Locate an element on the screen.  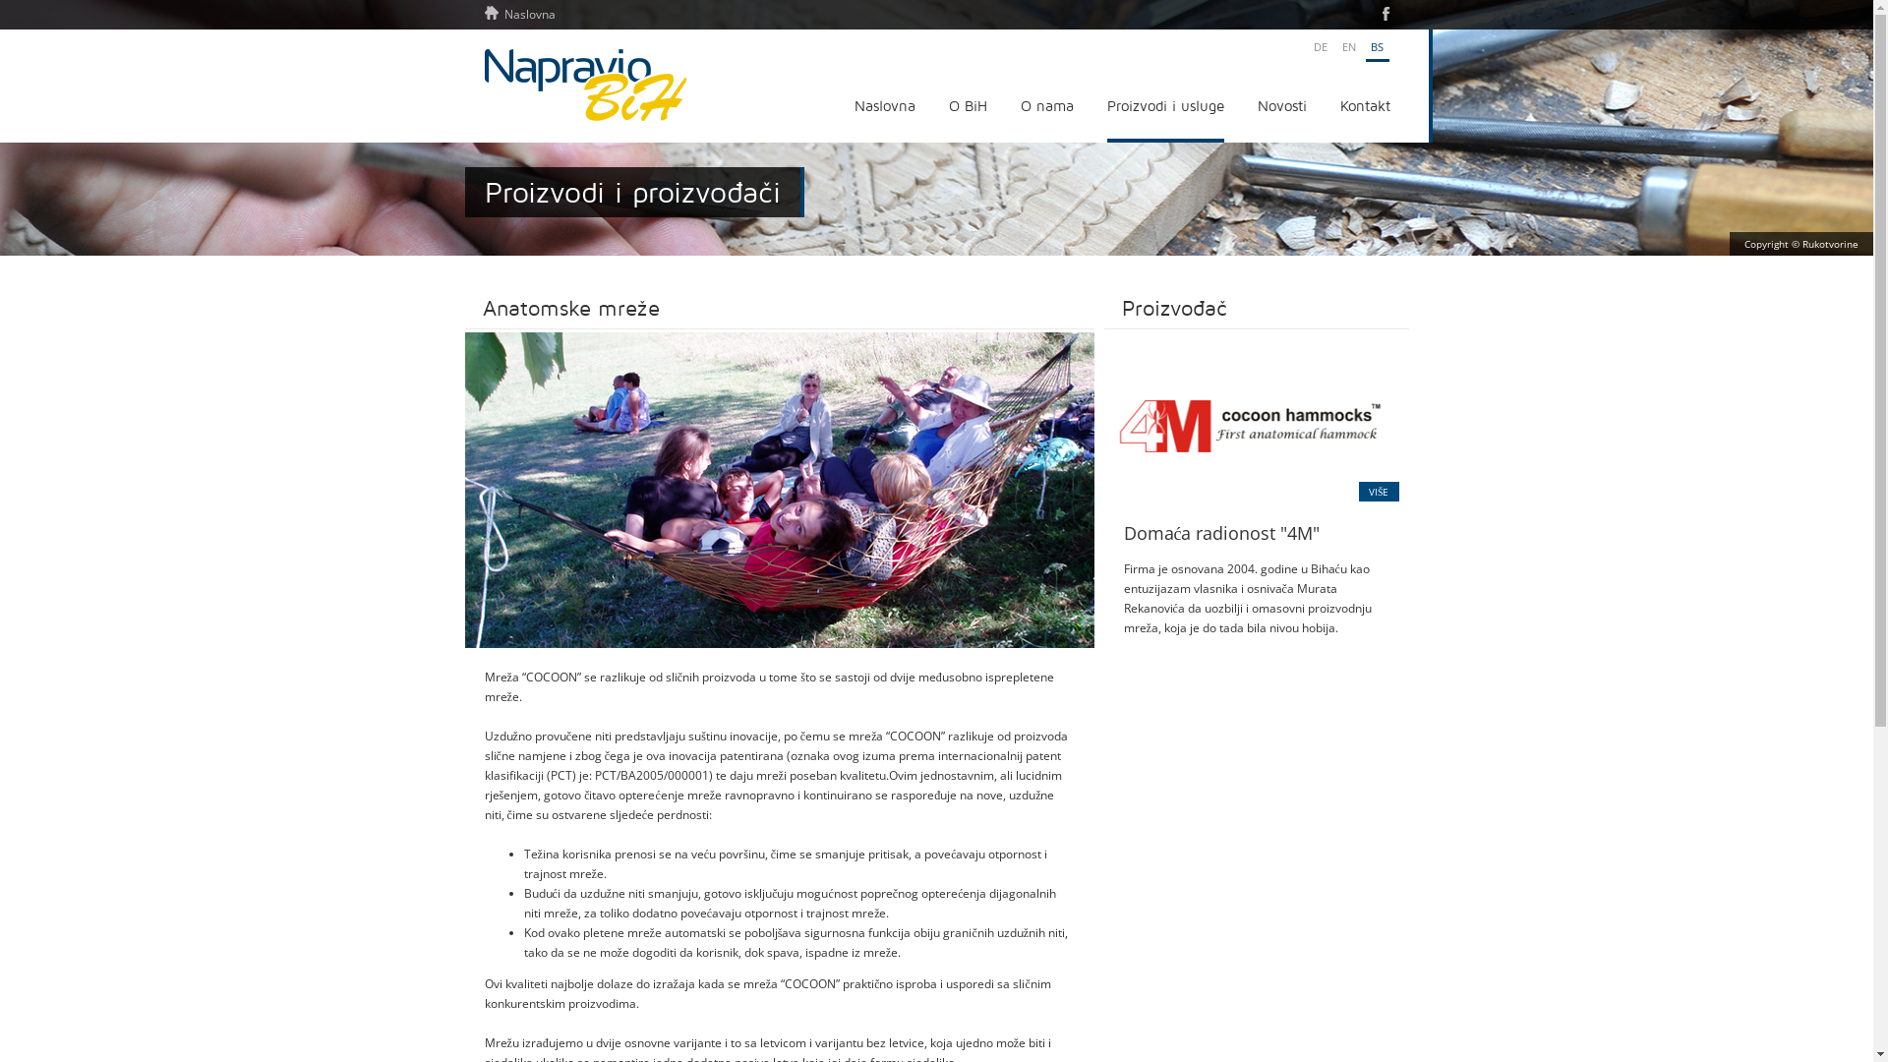
'EN' is located at coordinates (1348, 45).